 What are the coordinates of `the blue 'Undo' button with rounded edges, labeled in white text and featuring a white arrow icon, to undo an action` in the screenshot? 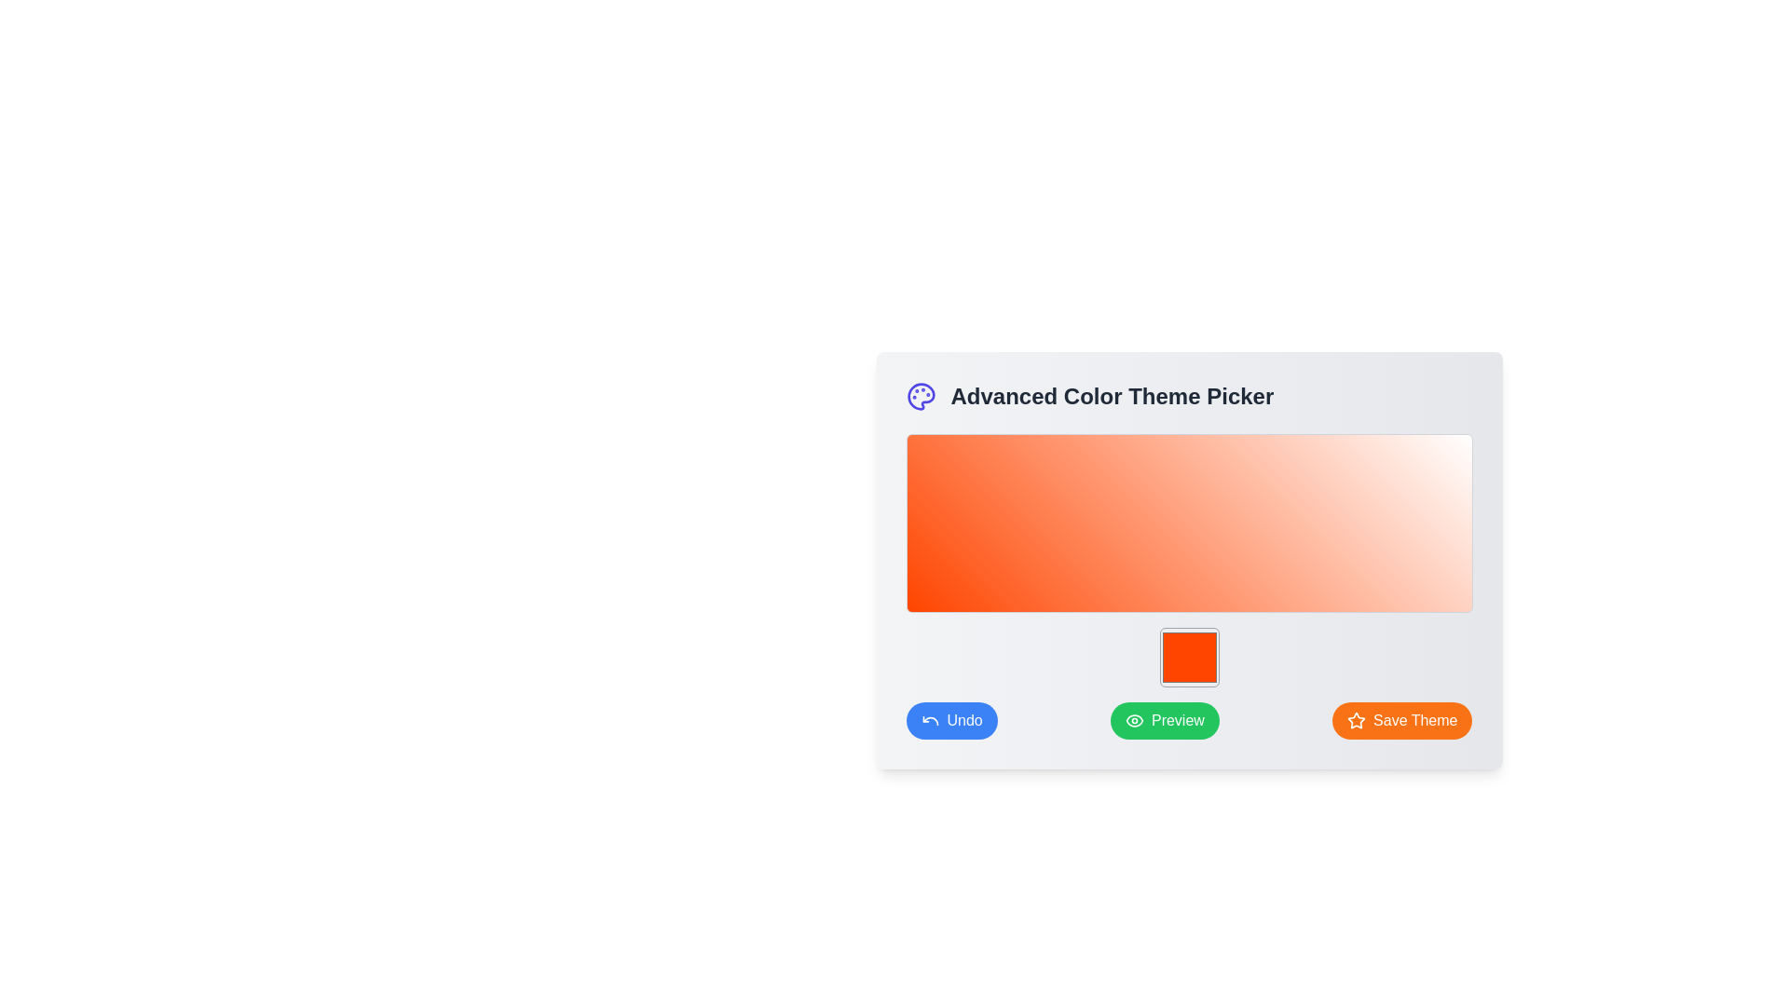 It's located at (951, 720).